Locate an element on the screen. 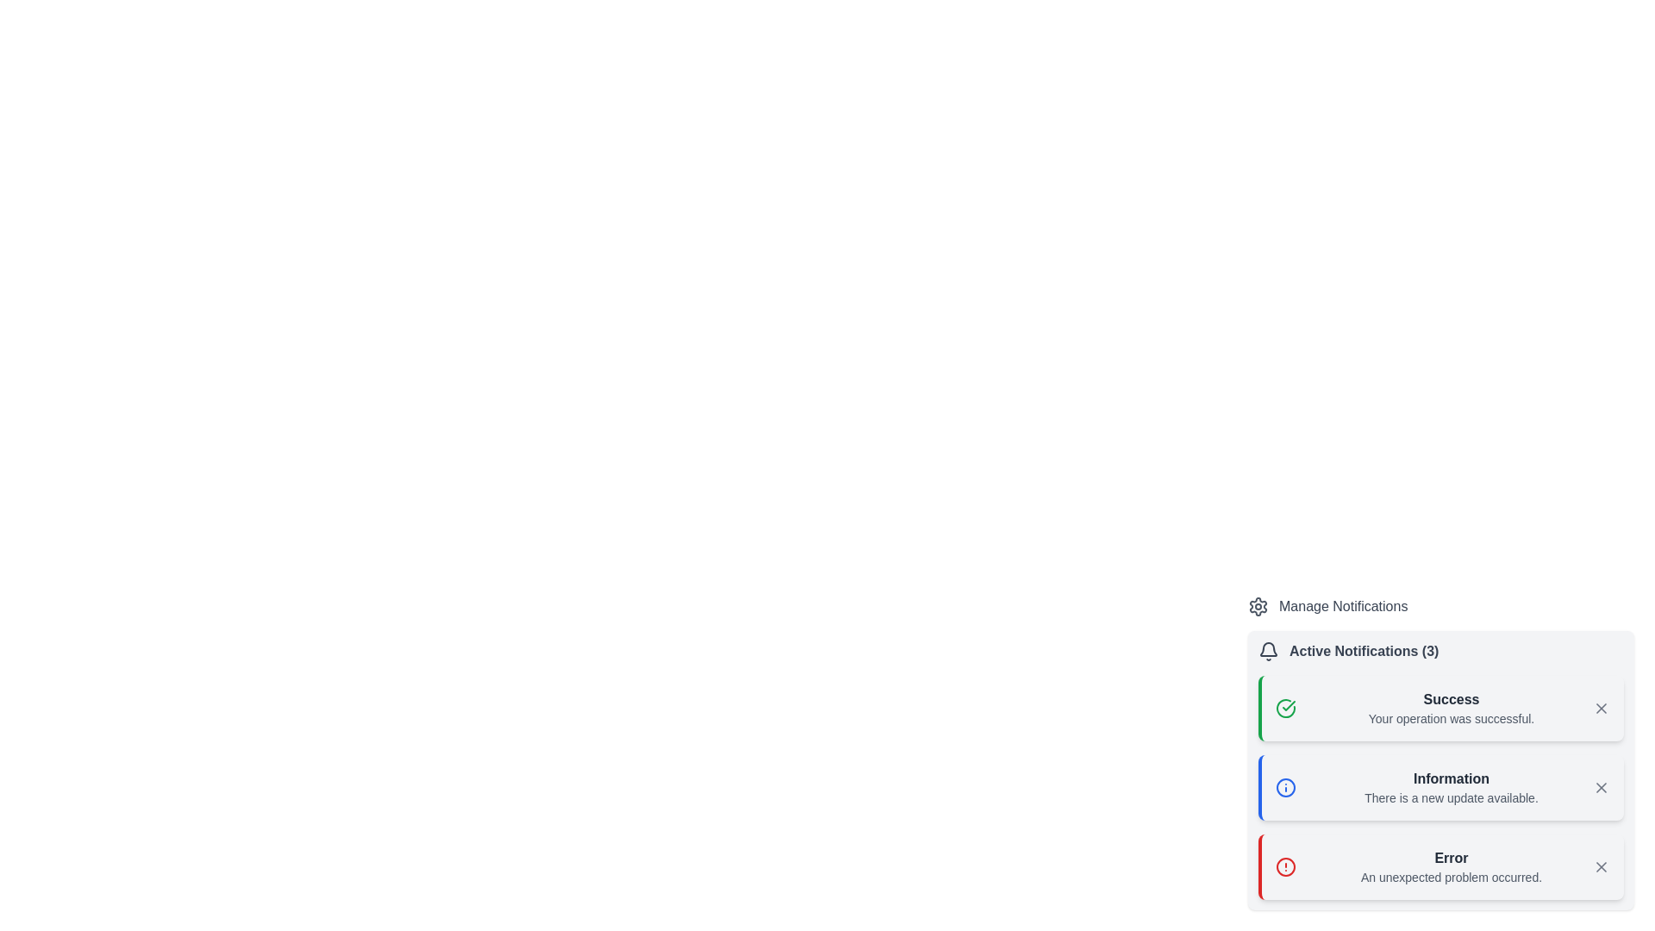  the text label that serves as the title for the notification entry within the 'Information' notification card is located at coordinates (1451, 778).